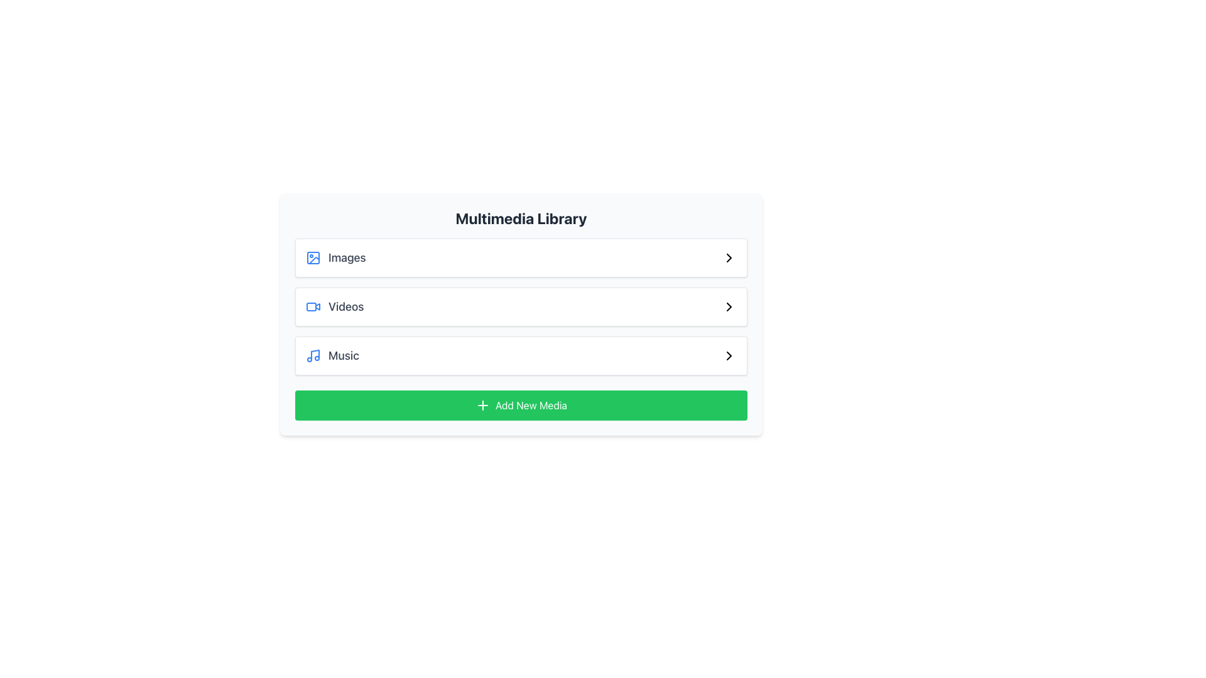 The height and width of the screenshot is (678, 1206). I want to click on the icon representing the 'Videos' section in the multimedia library, located to the left of the 'Videos' label, so click(313, 307).